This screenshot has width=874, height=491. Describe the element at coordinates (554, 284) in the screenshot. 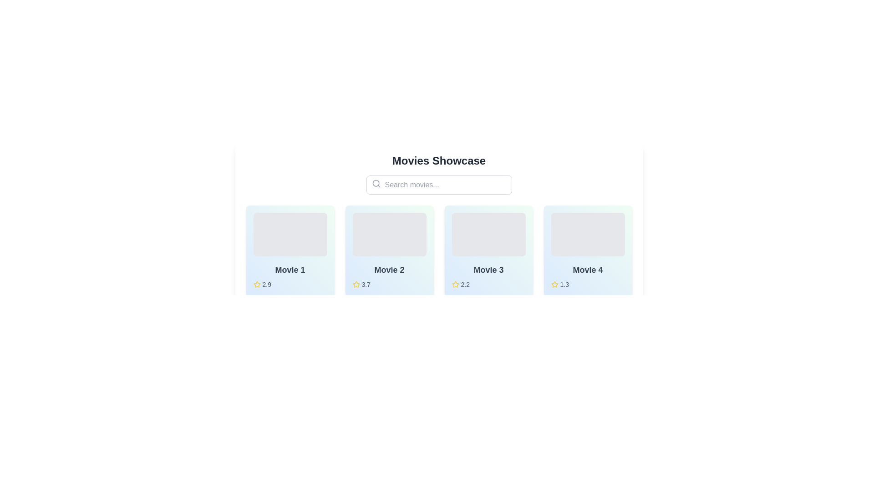

I see `the rating icon located to the left of the text '1.3' in the rating section of the 'Movie 4' card` at that location.